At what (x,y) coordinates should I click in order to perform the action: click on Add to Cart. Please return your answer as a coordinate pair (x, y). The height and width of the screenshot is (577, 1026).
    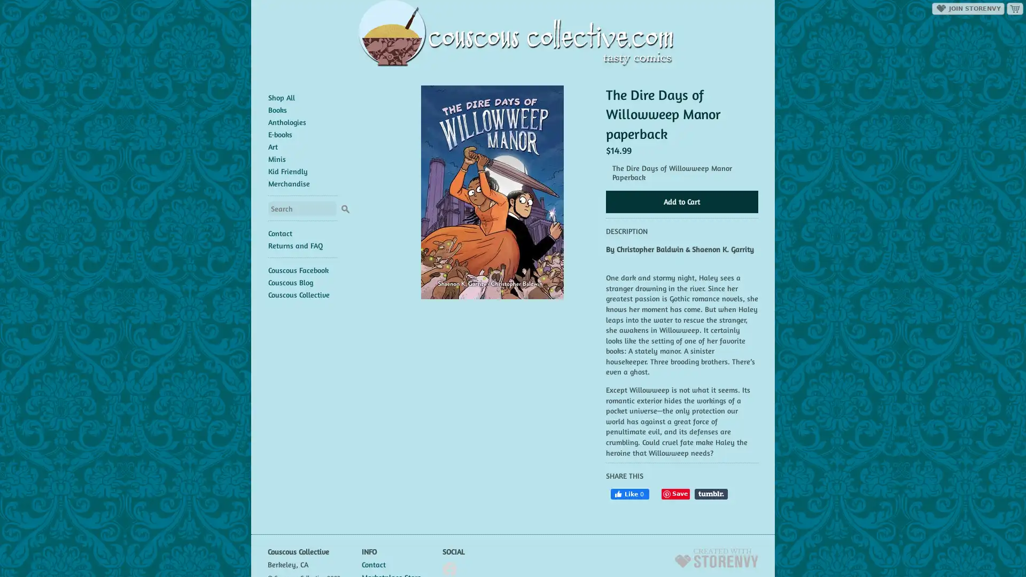
    Looking at the image, I should click on (681, 202).